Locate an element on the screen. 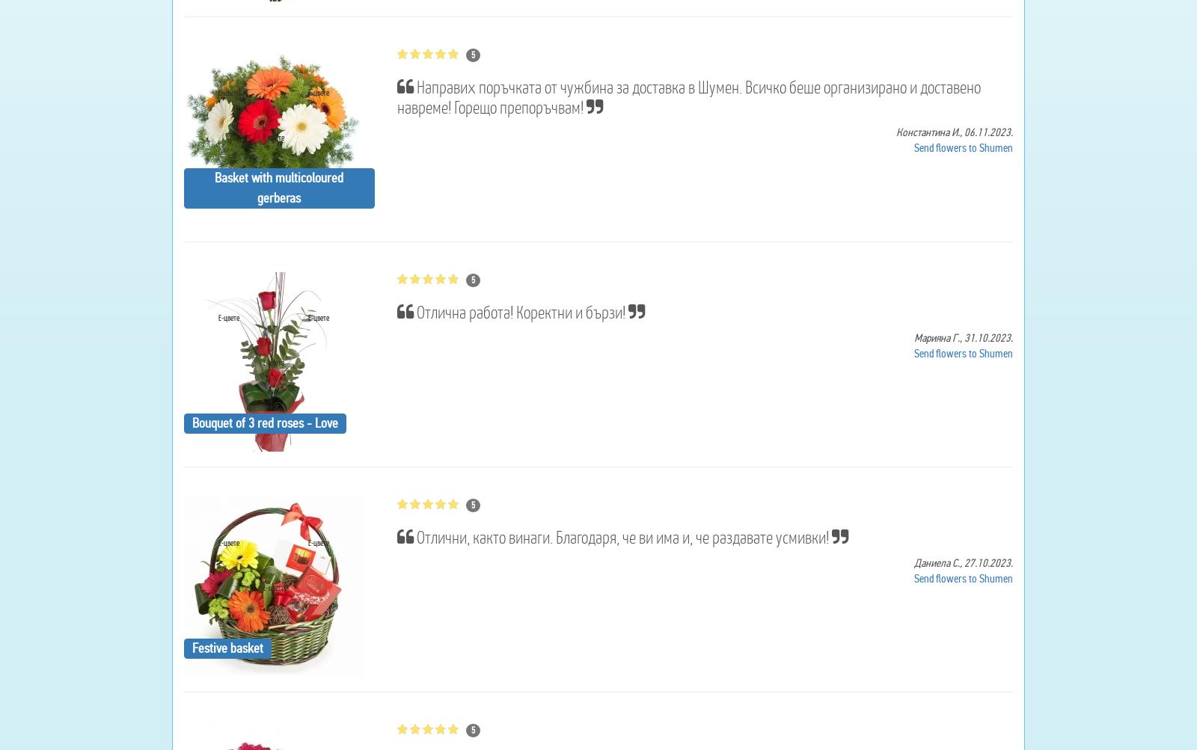 The image size is (1197, 750). '31.10.2023.' is located at coordinates (988, 337).